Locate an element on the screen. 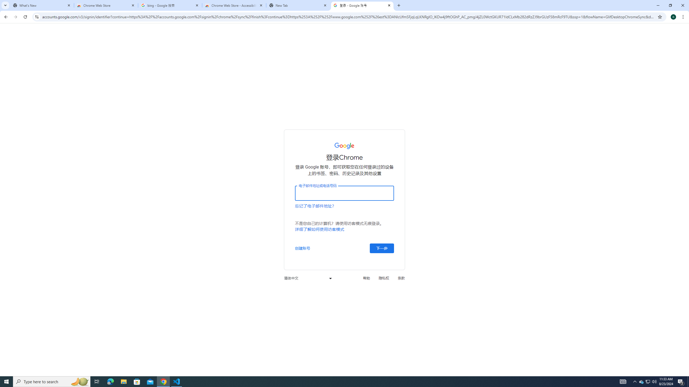 This screenshot has width=689, height=387. 'Chrome Web Store' is located at coordinates (106, 5).